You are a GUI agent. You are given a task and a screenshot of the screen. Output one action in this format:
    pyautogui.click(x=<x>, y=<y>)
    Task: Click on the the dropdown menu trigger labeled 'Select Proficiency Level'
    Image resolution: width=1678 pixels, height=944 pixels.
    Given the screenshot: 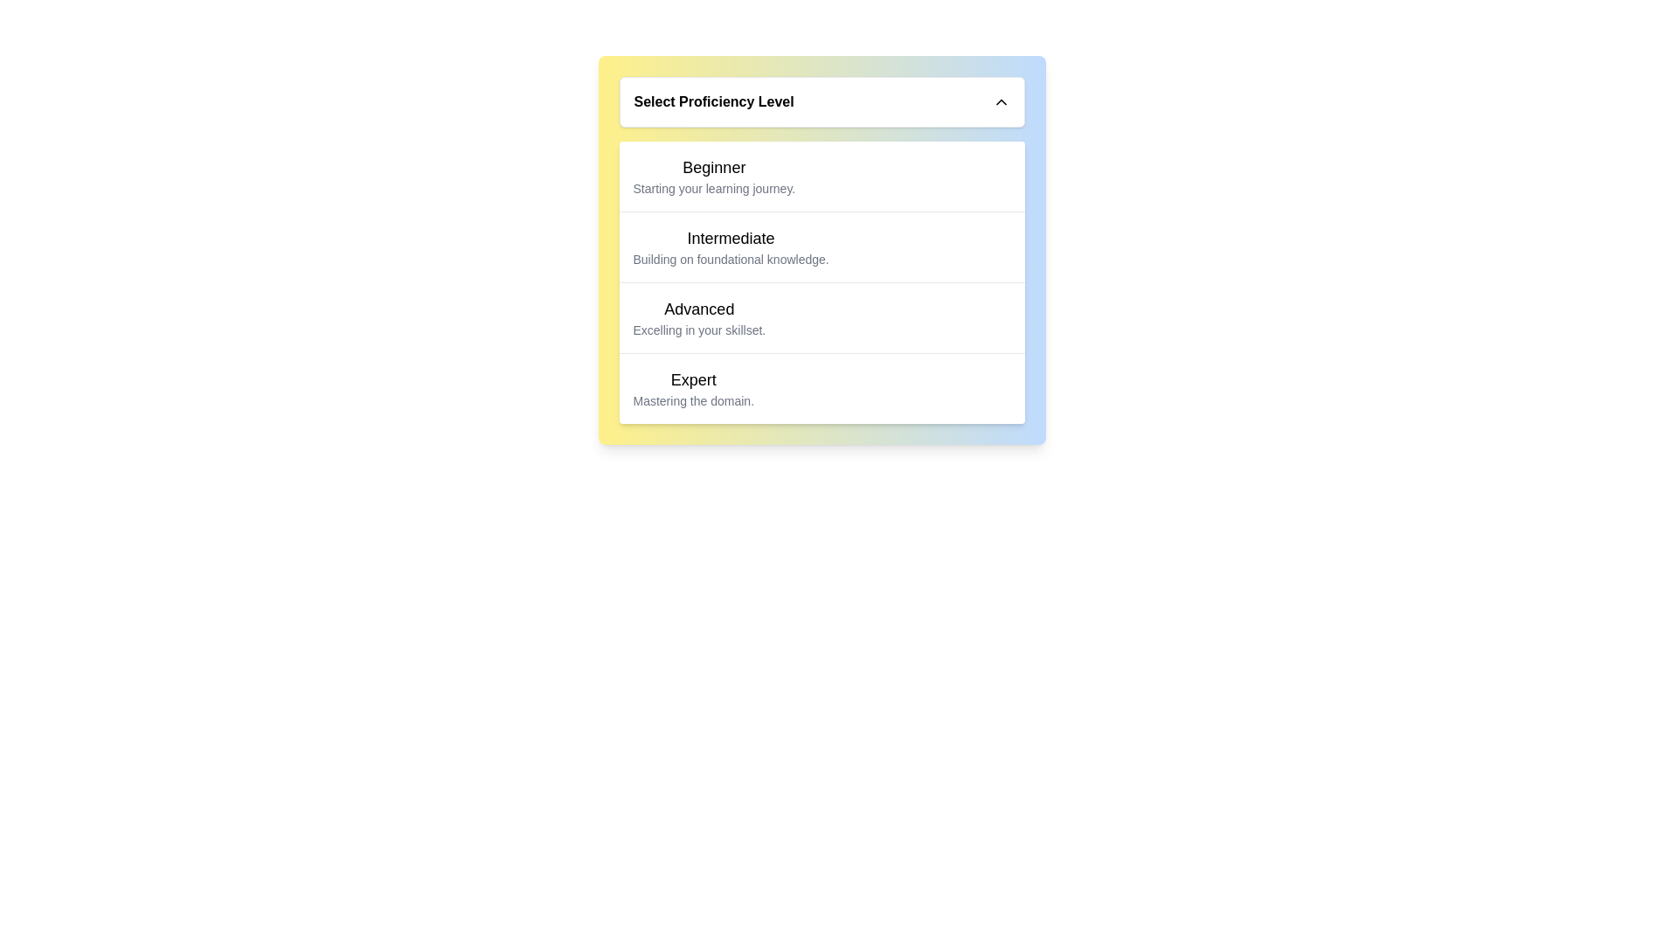 What is the action you would take?
    pyautogui.click(x=821, y=101)
    